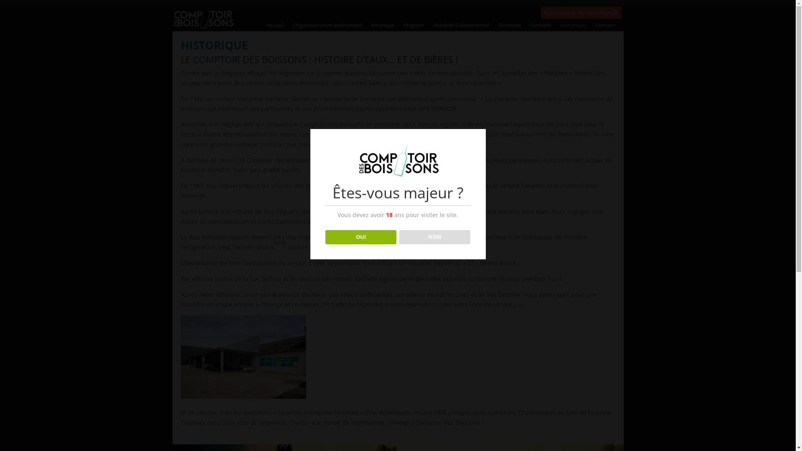  Describe the element at coordinates (325, 237) in the screenshot. I see `'OUI'` at that location.